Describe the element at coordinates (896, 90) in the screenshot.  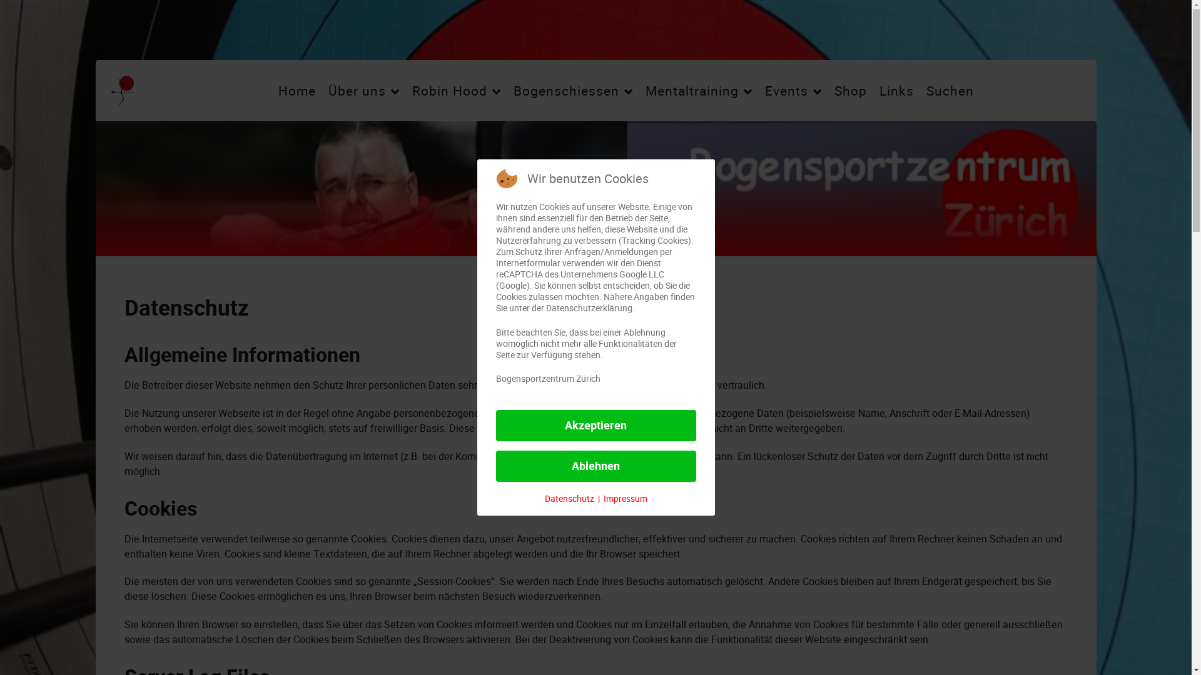
I see `'Links'` at that location.